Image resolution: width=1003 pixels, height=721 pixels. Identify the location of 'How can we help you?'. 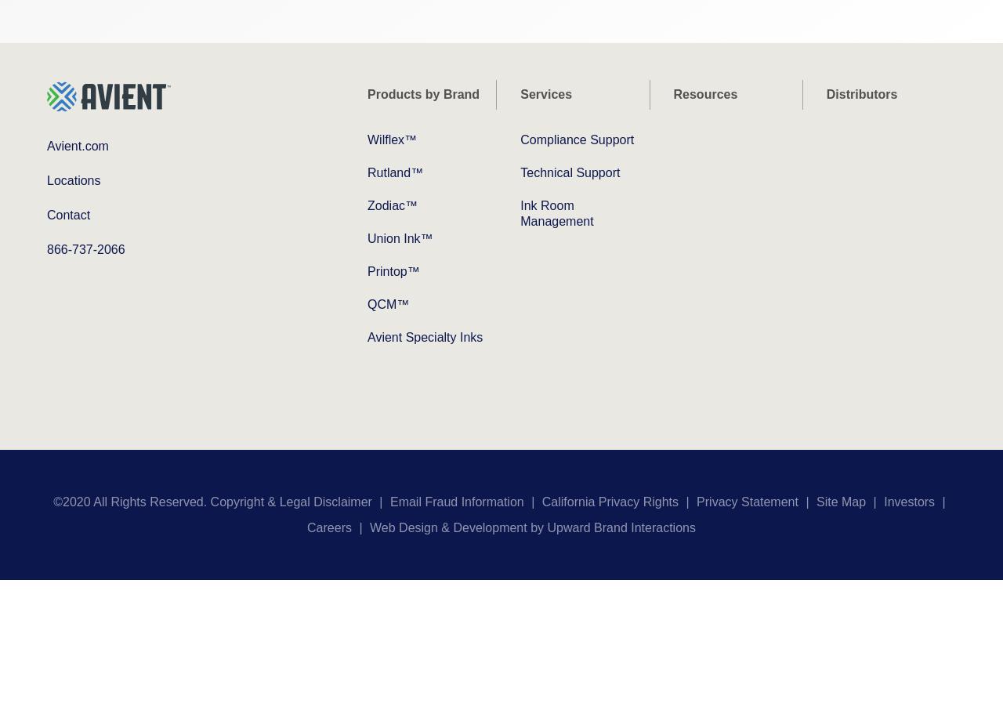
(77, 643).